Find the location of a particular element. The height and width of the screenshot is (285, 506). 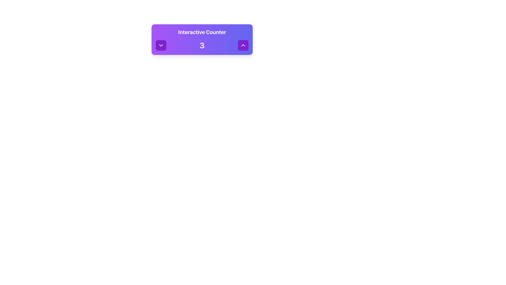

the increment button located at the rightmost position of the control group, adjacent to the center numerical counter display is located at coordinates (243, 45).